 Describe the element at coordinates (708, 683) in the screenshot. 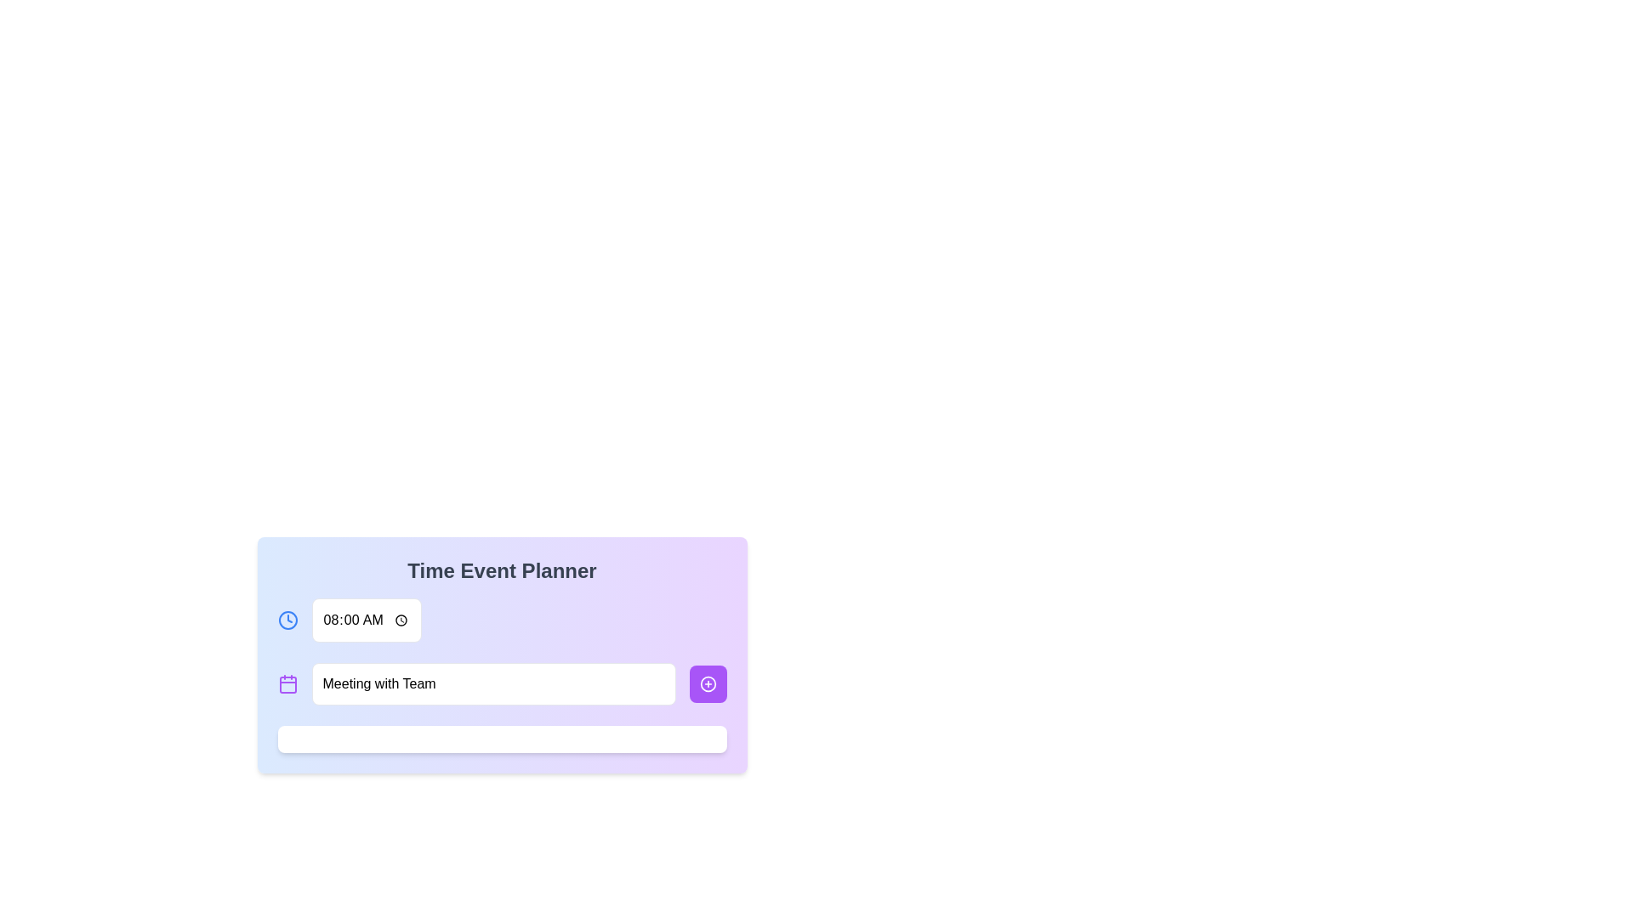

I see `the small circle element, which is part of a purple plus icon located in the bottom-right corner of the interaction card` at that location.